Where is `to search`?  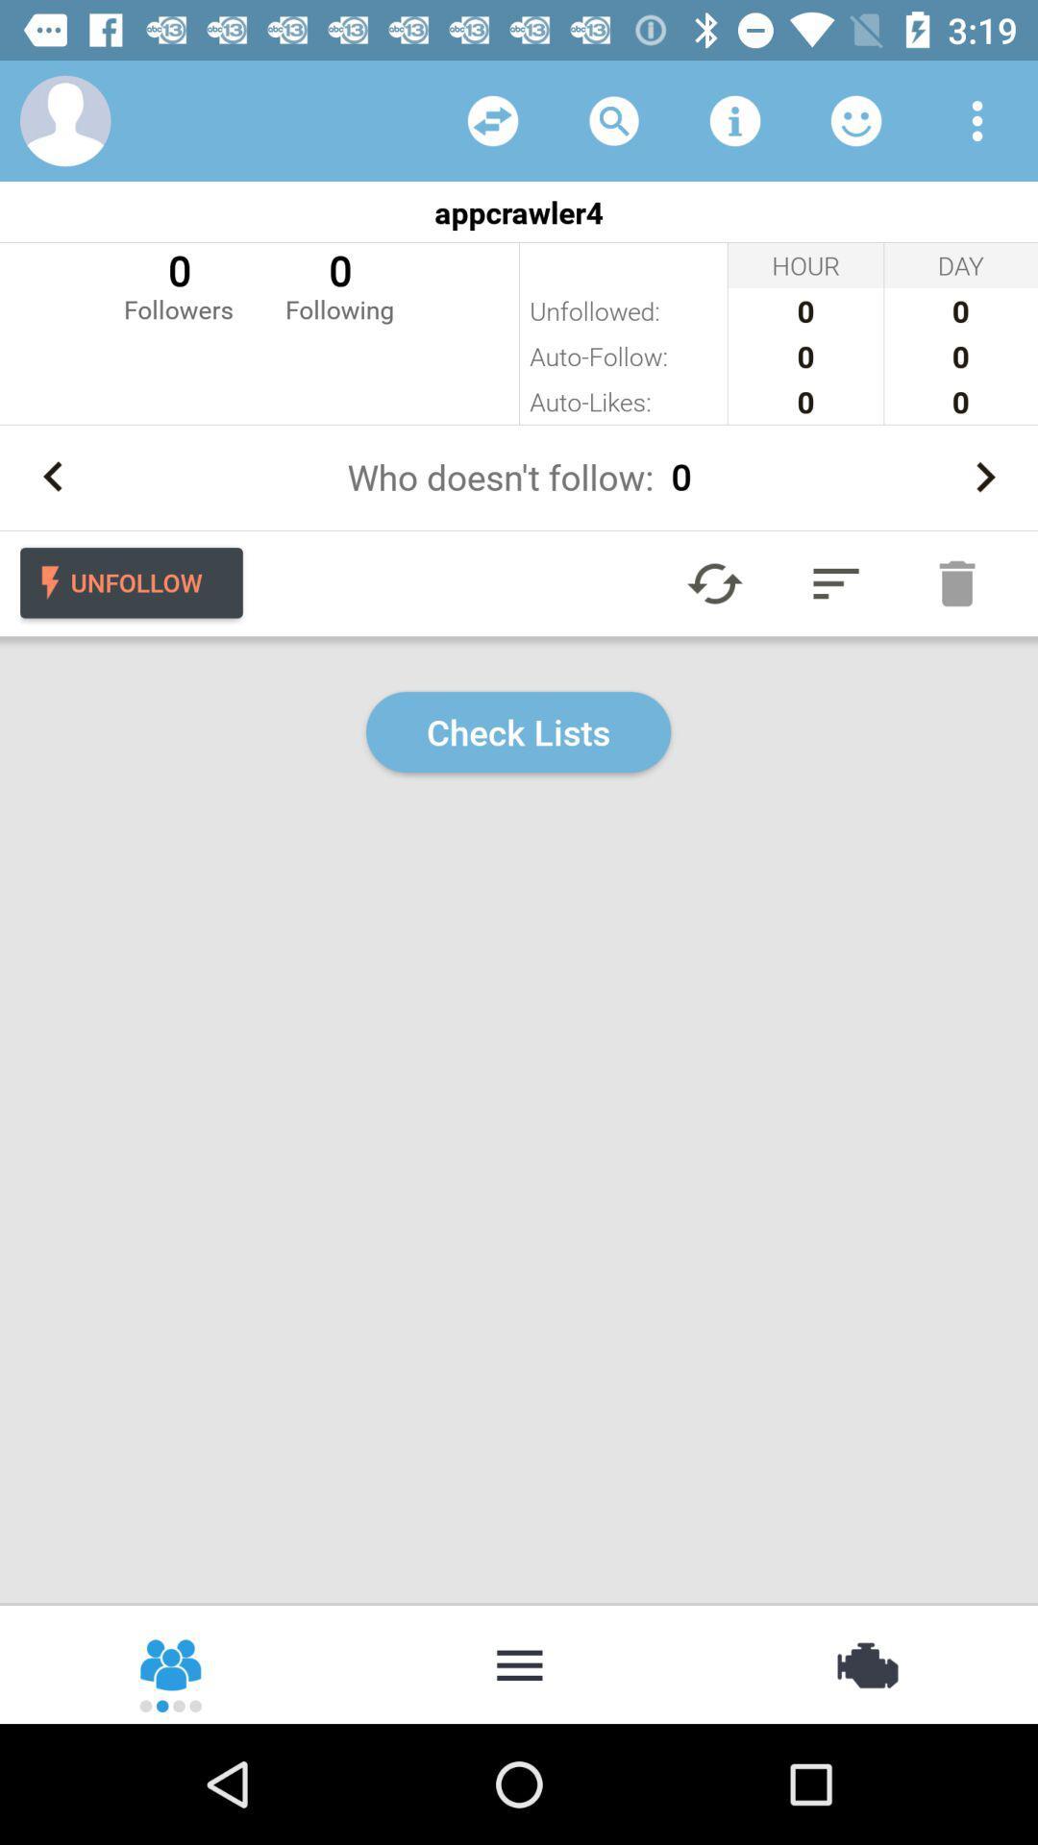 to search is located at coordinates (614, 119).